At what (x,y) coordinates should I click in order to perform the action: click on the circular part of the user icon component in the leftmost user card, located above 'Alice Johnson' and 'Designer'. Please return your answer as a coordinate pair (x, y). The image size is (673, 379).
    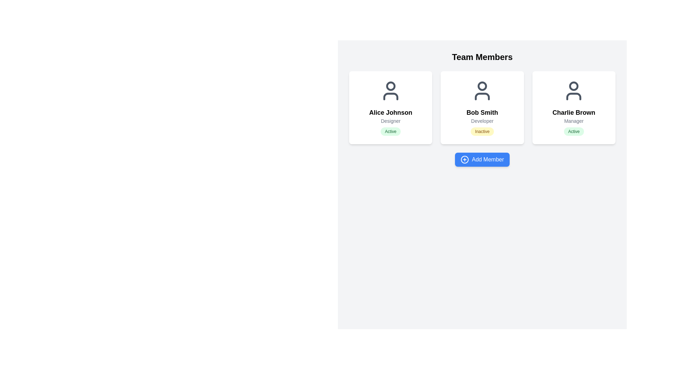
    Looking at the image, I should click on (390, 86).